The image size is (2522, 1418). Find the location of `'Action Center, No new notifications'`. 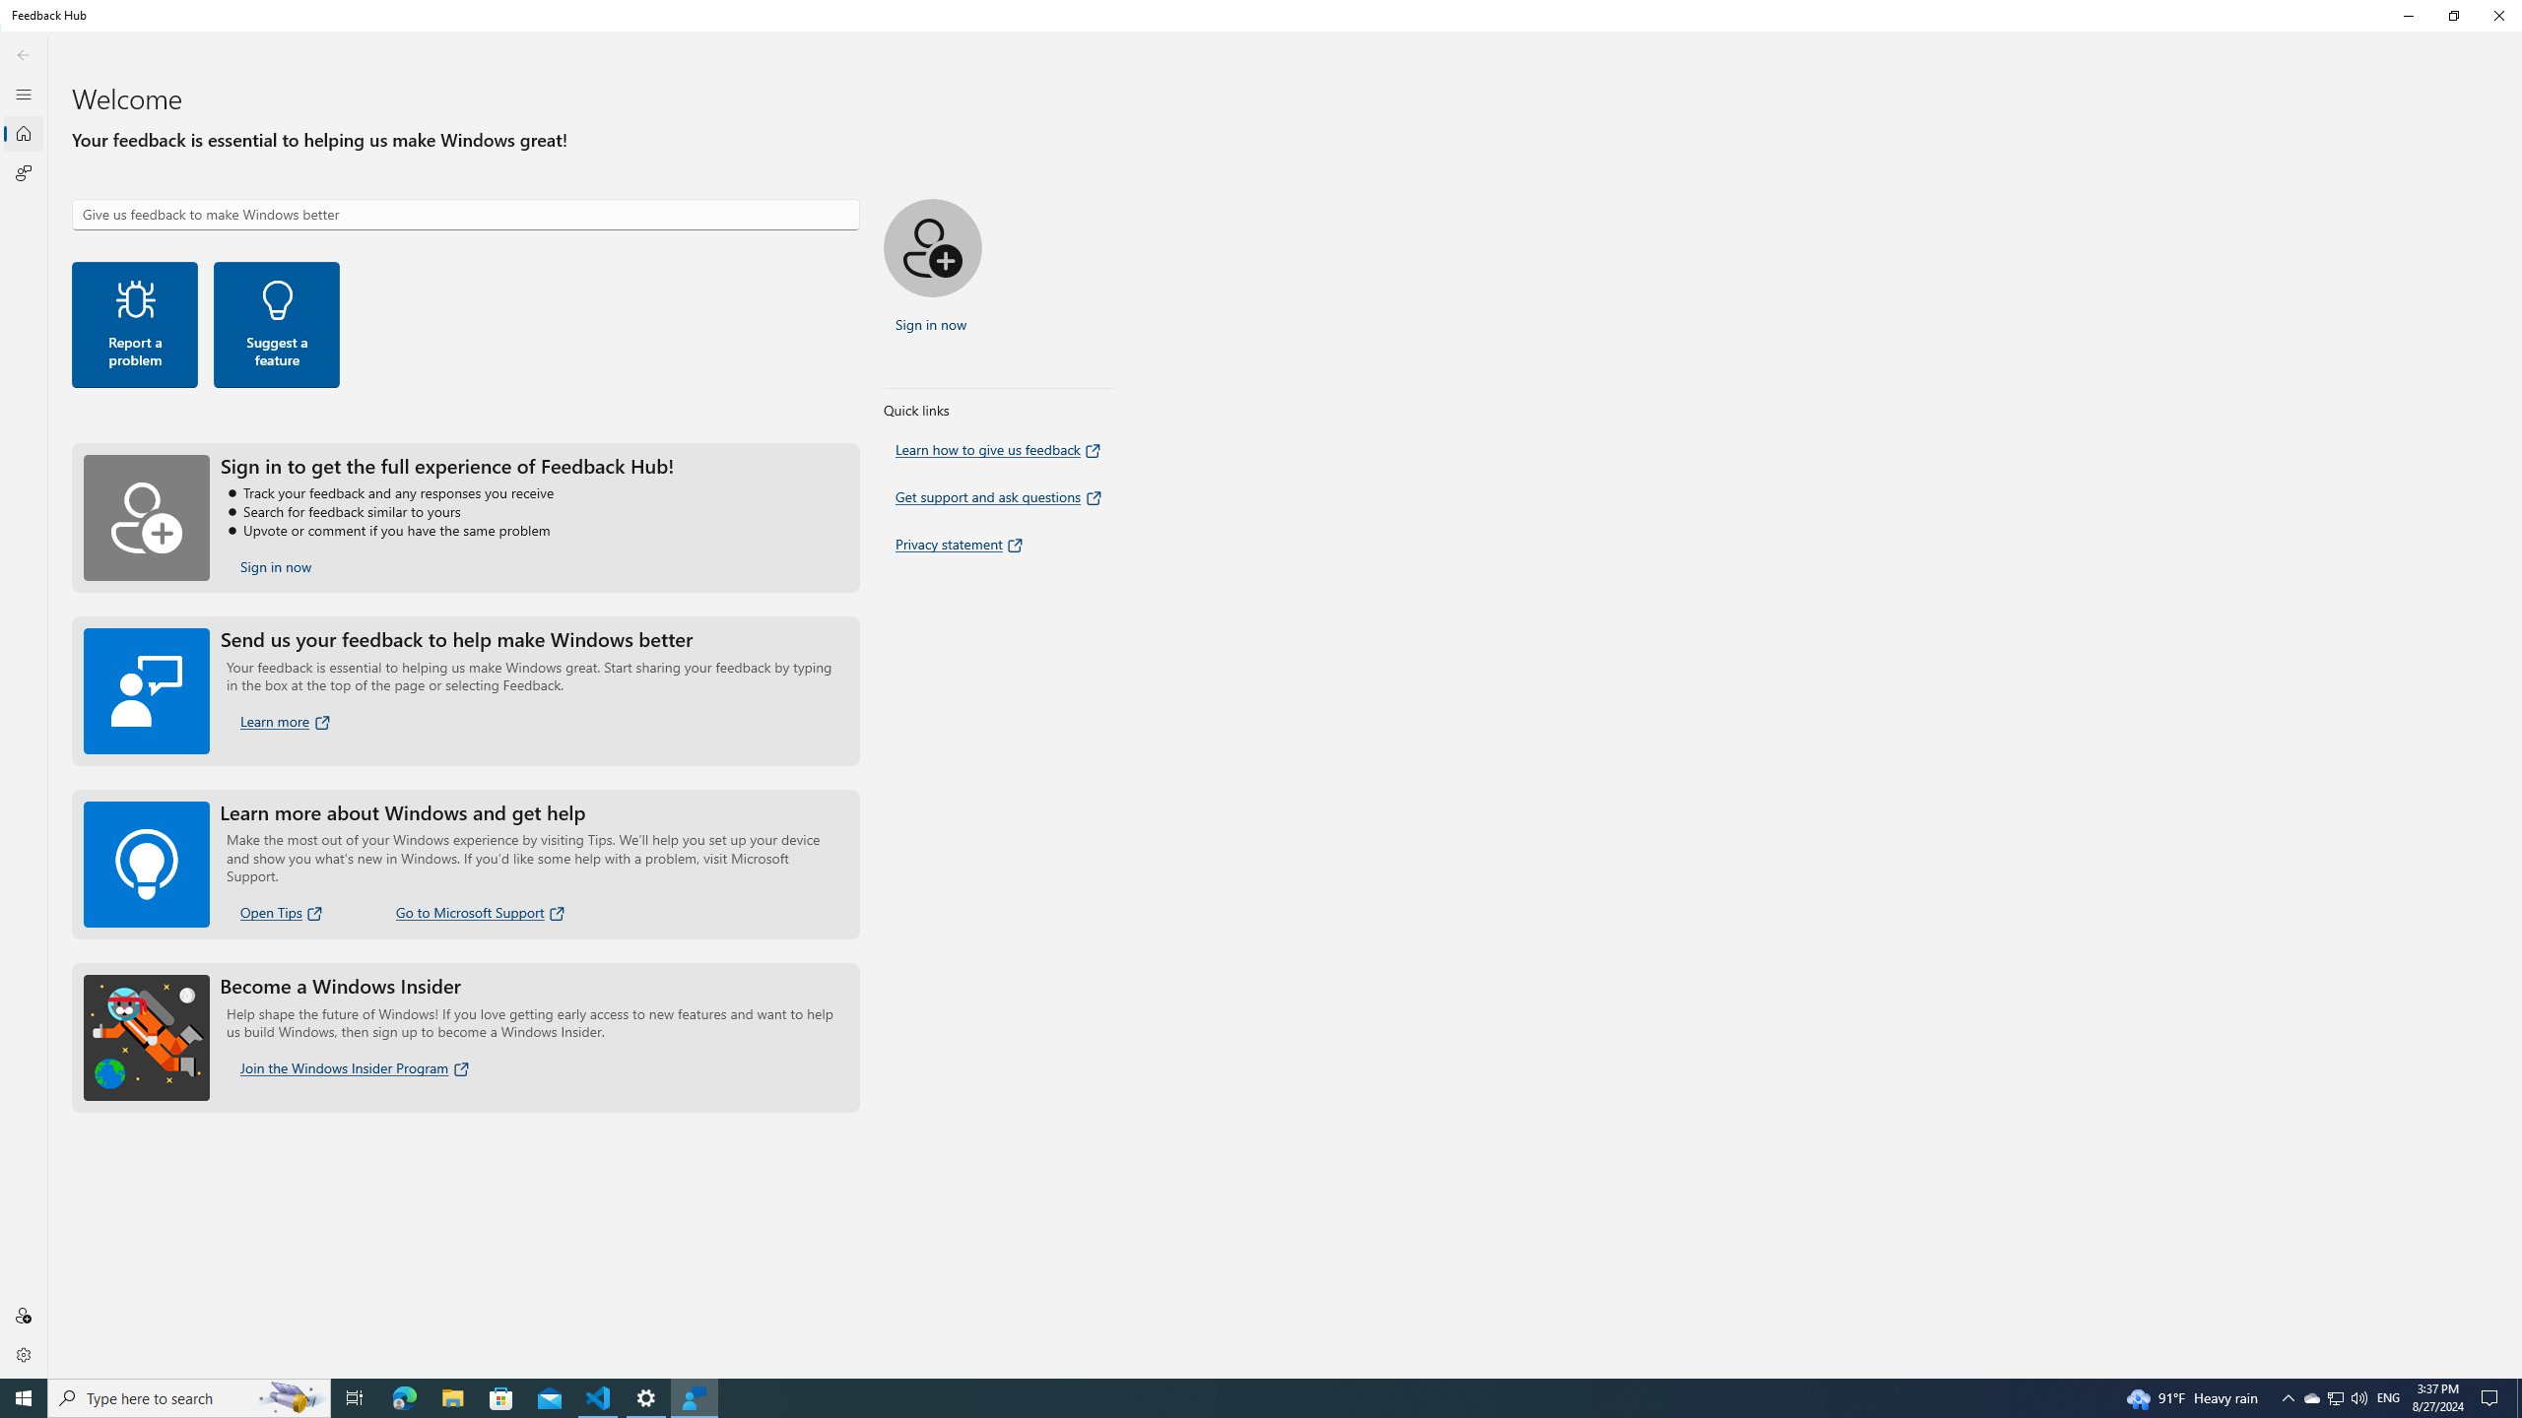

'Action Center, No new notifications' is located at coordinates (2492, 1396).